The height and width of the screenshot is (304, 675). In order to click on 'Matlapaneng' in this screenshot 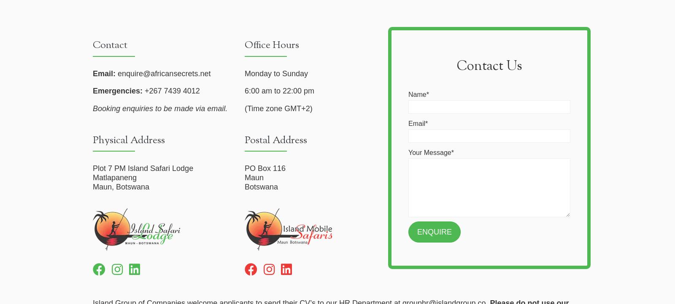, I will do `click(115, 177)`.